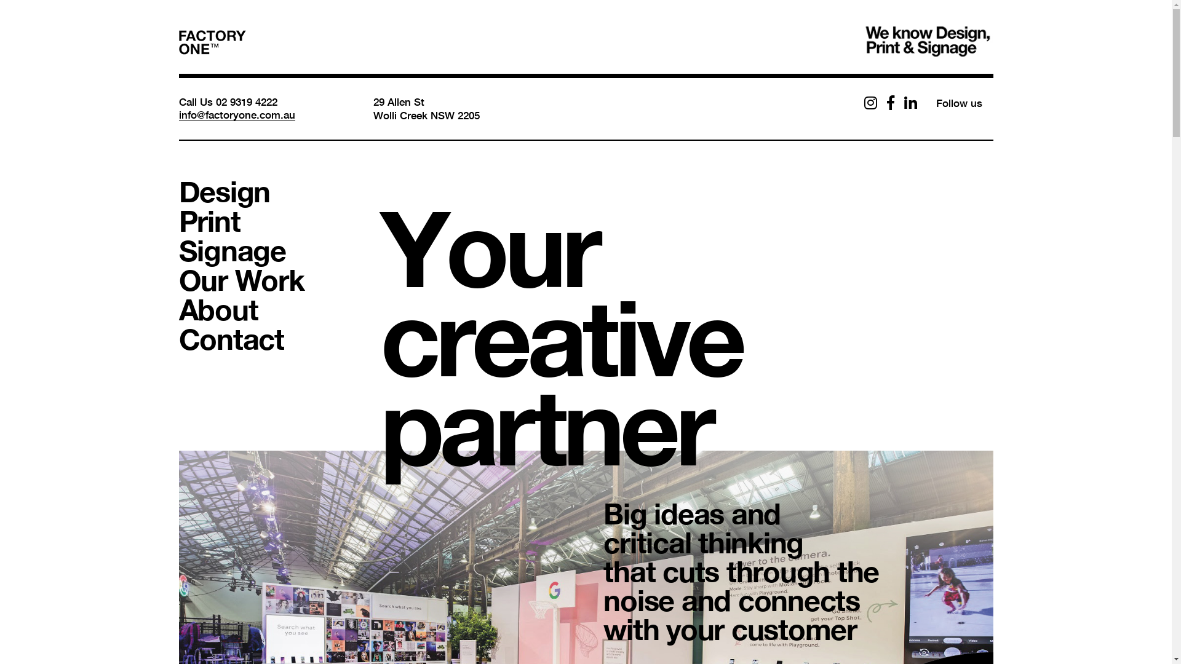 This screenshot has width=1181, height=664. I want to click on 'About', so click(218, 308).